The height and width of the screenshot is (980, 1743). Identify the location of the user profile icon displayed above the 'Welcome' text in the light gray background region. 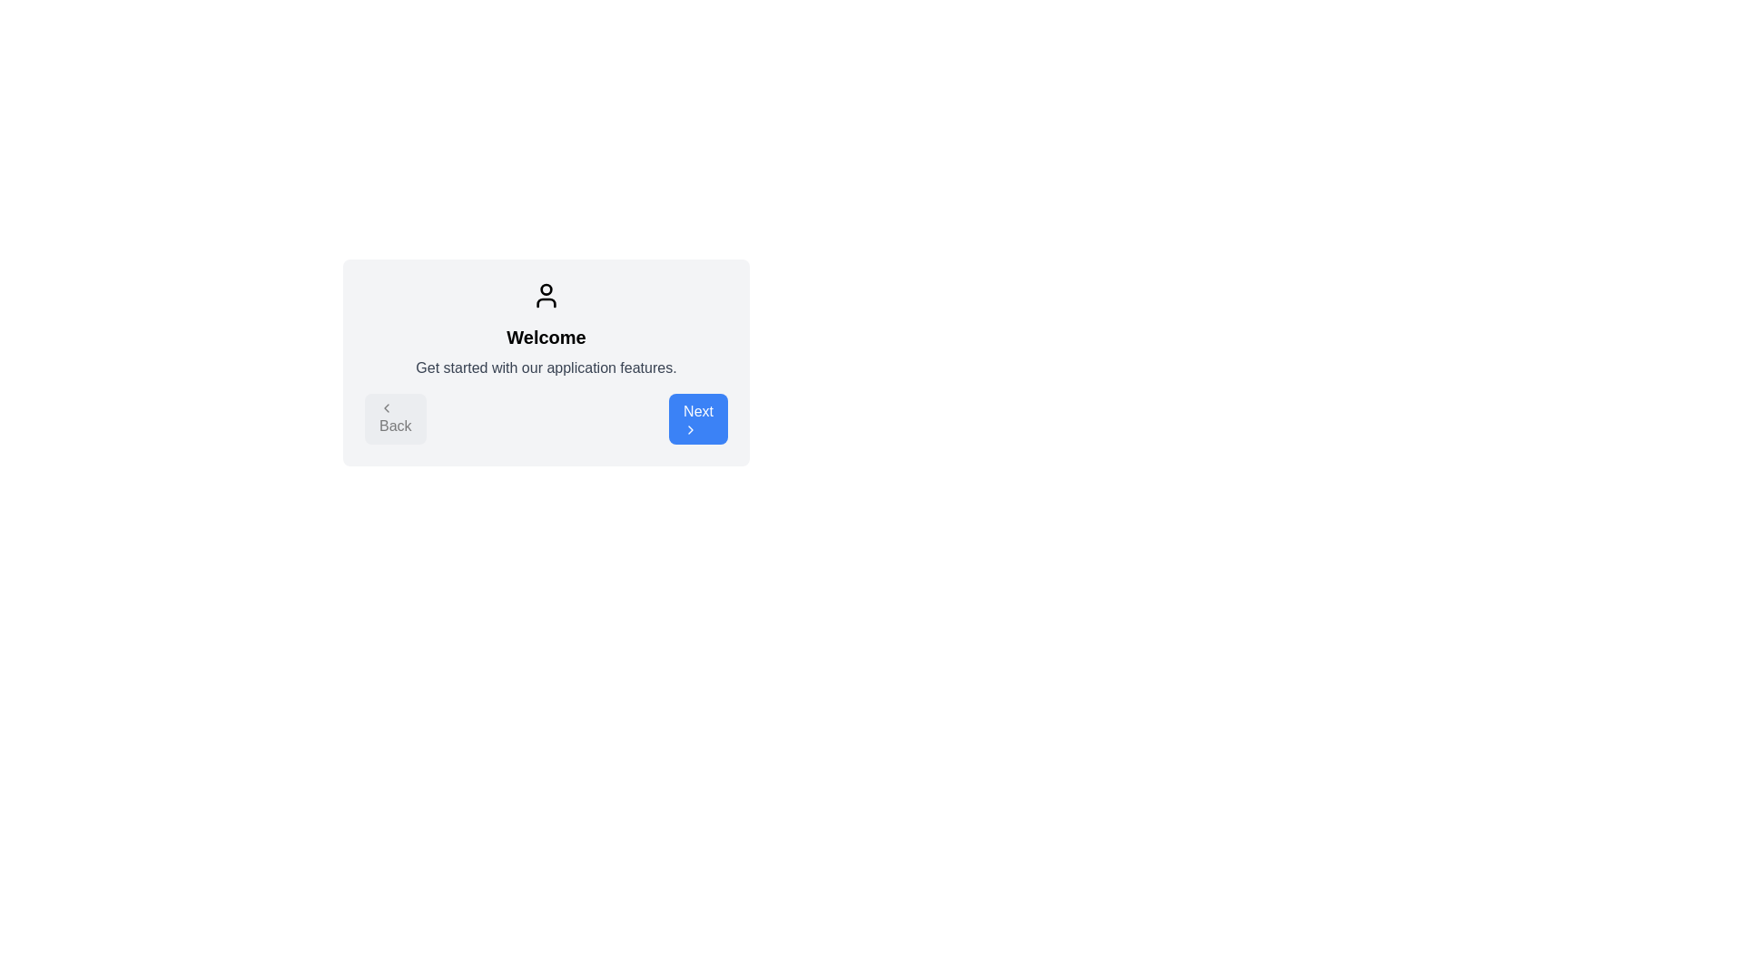
(545, 295).